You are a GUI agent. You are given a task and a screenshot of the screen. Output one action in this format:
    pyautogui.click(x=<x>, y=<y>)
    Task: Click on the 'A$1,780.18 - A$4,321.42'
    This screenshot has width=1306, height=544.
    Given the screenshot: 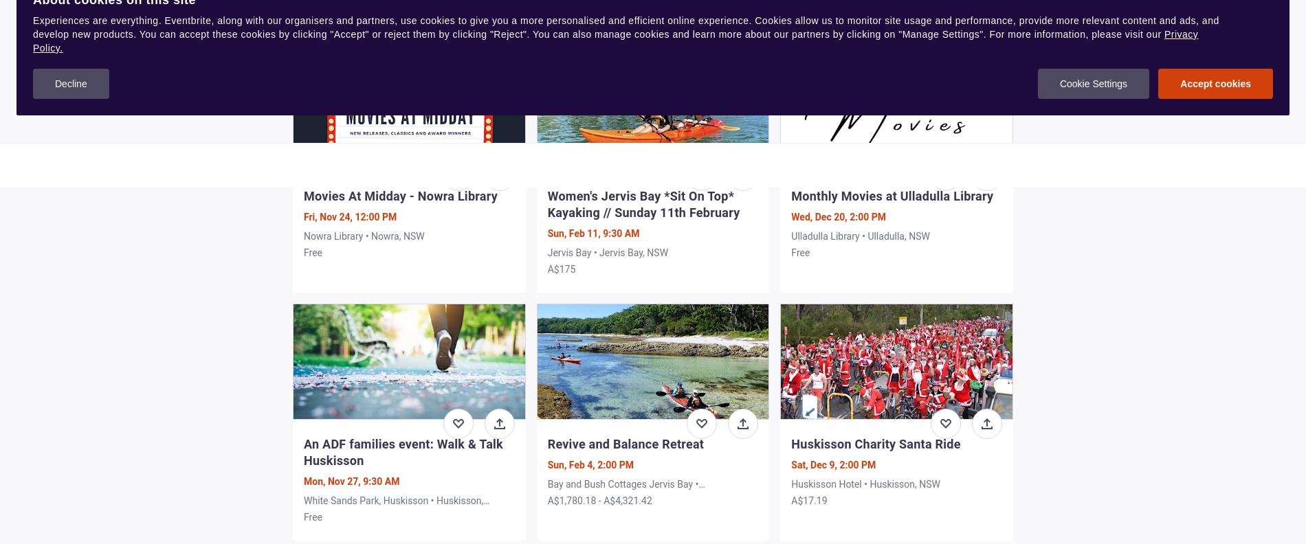 What is the action you would take?
    pyautogui.click(x=598, y=499)
    